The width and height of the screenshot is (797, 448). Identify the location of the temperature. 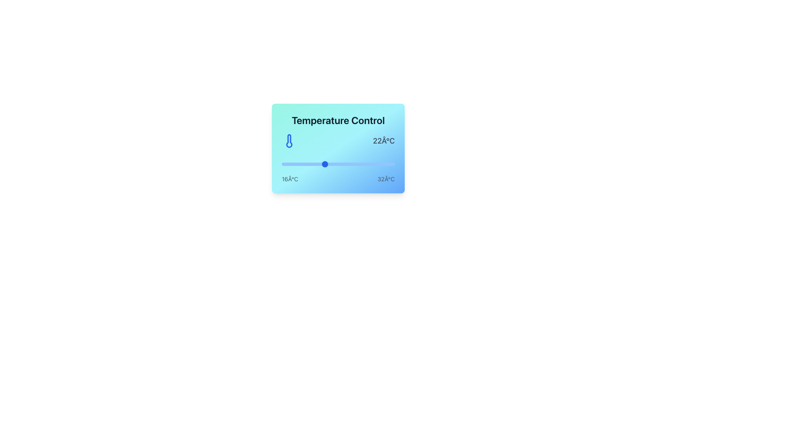
(352, 164).